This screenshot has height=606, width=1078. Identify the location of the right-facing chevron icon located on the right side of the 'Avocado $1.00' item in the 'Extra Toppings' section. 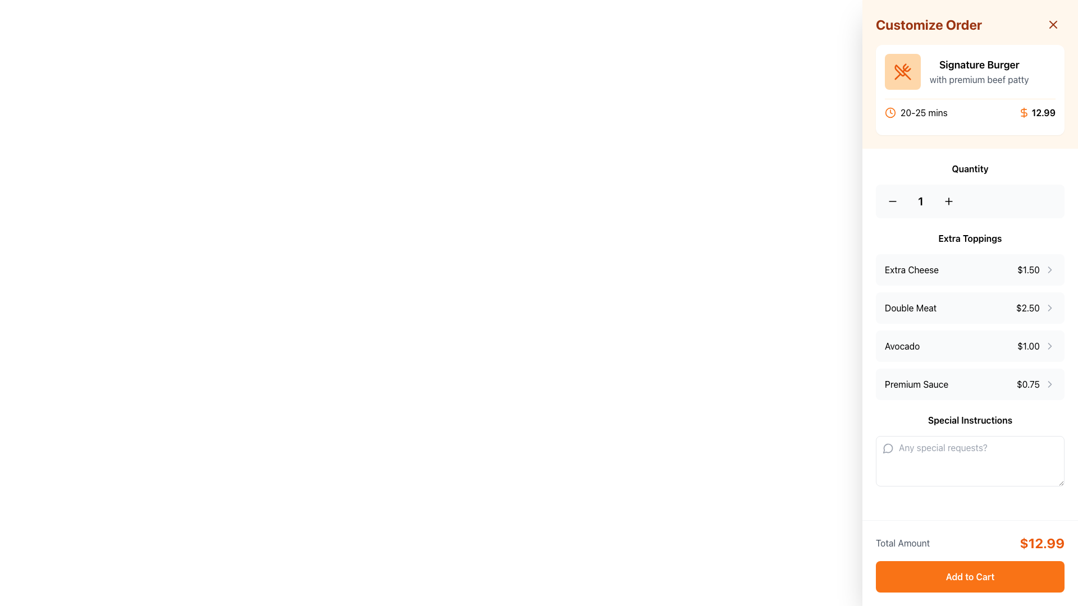
(1049, 346).